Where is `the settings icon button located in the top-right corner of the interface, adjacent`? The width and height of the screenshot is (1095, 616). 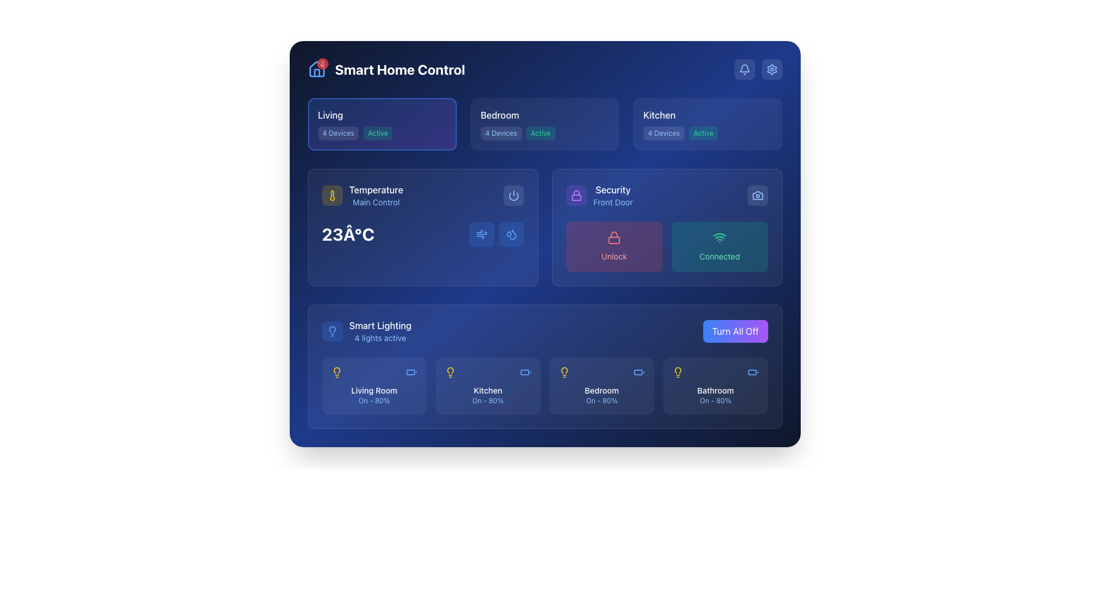
the settings icon button located in the top-right corner of the interface, adjacent is located at coordinates (772, 70).